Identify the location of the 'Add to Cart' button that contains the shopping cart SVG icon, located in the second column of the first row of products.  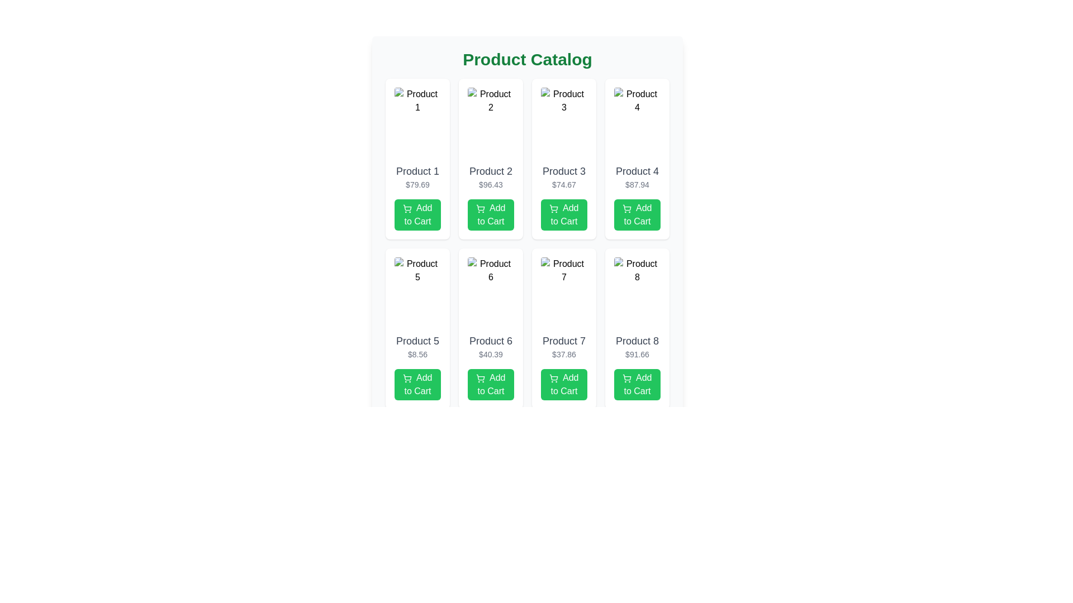
(481, 208).